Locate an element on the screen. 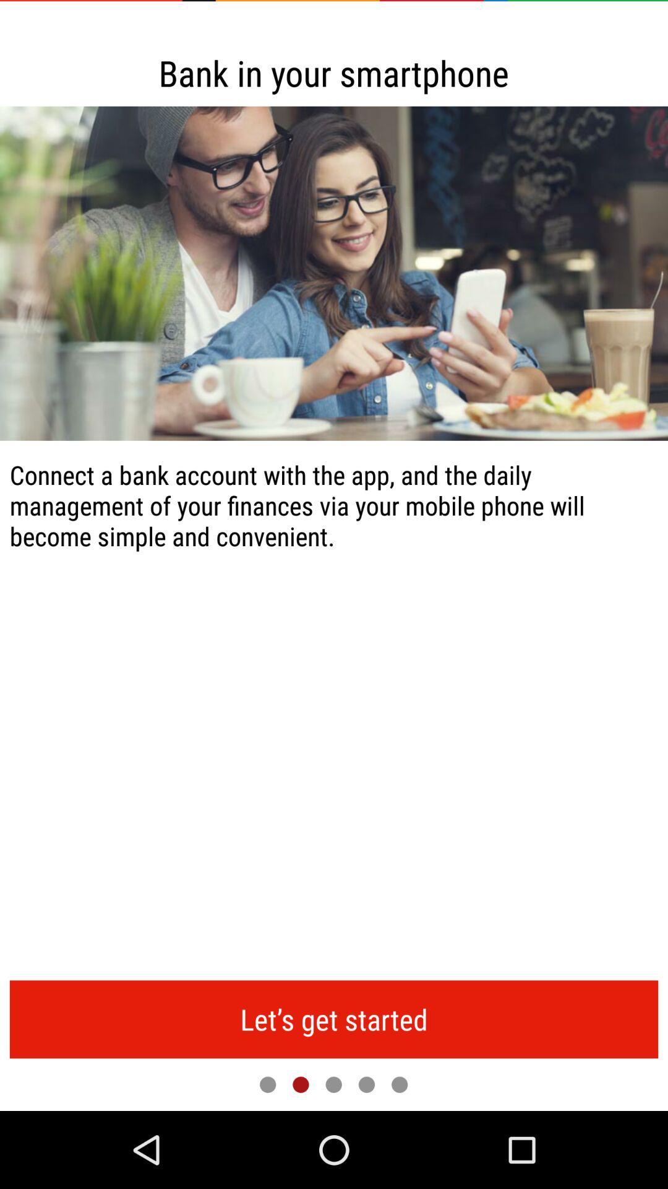  app below the connect a bank icon is located at coordinates (334, 1019).